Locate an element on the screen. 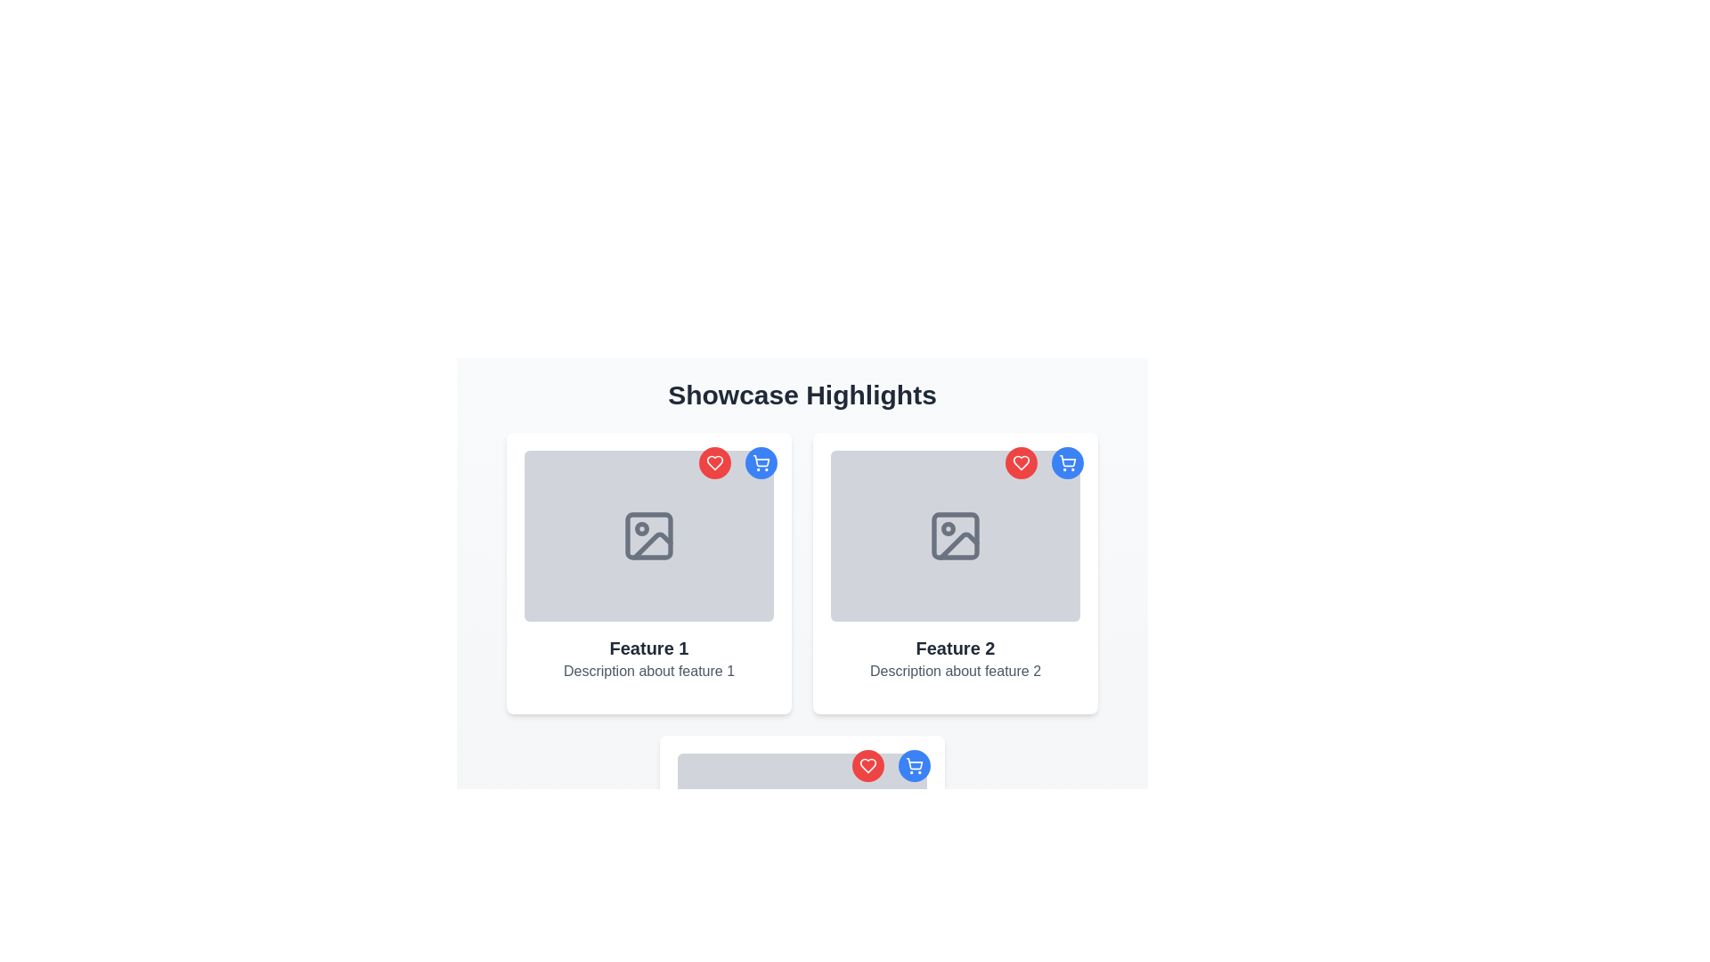 This screenshot has height=962, width=1710. the Placeholder icon, which represents an image placeholder in the Feature 1 section is located at coordinates (648, 534).